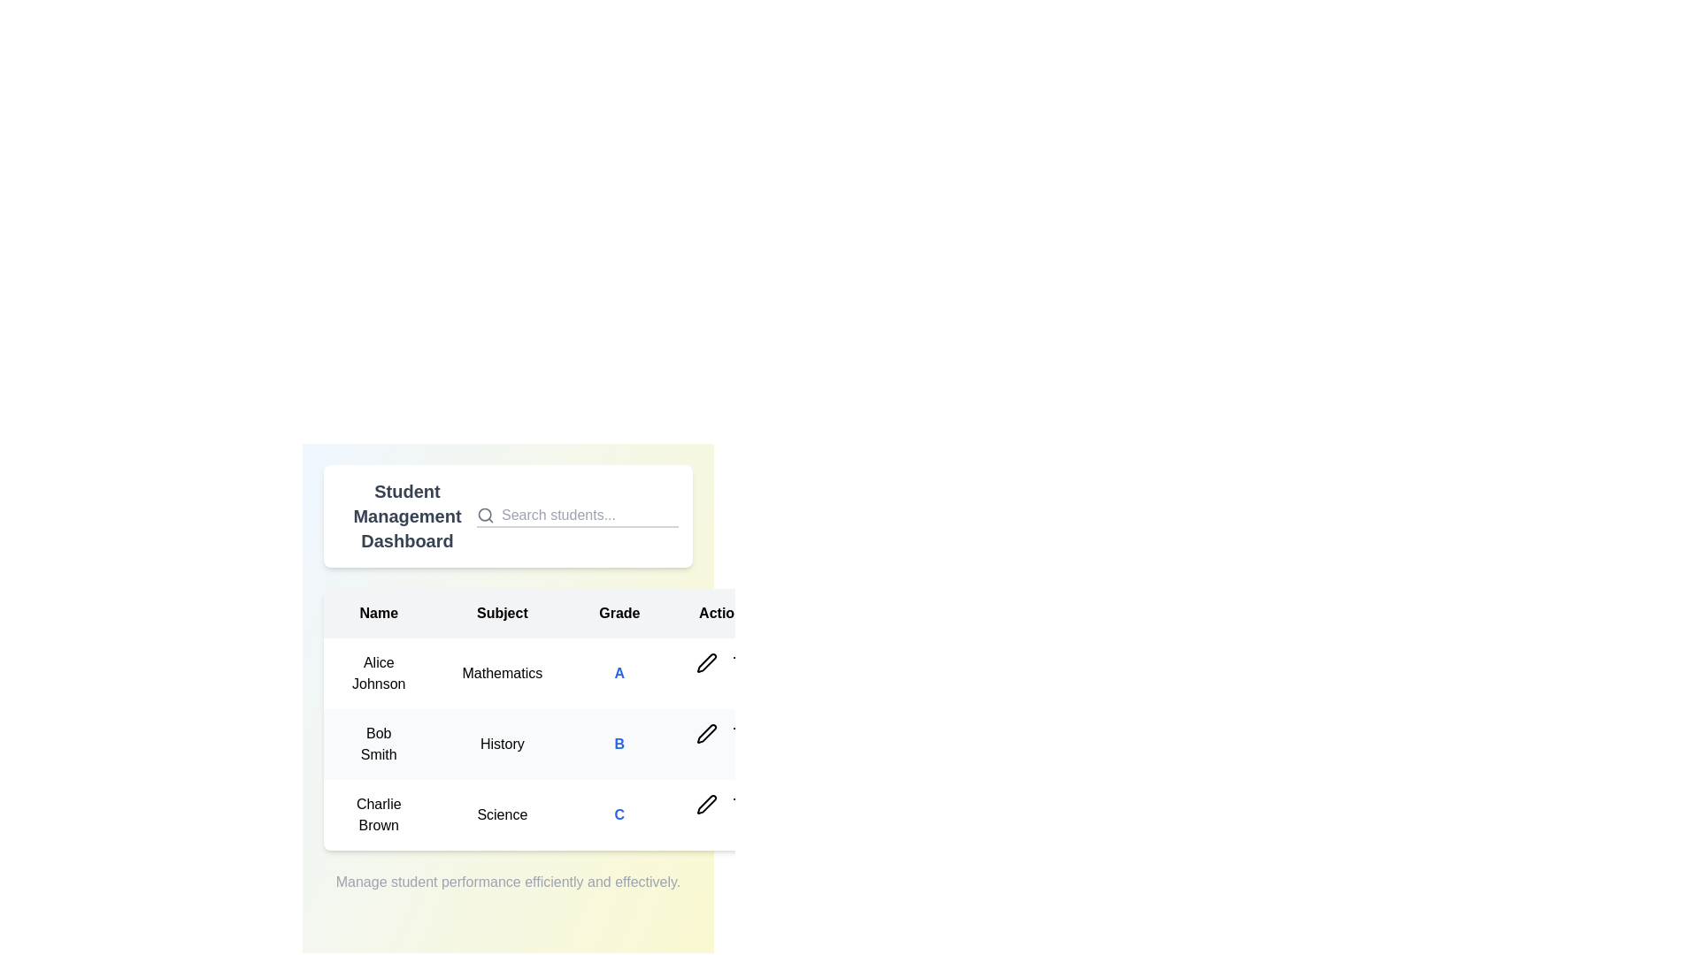 The width and height of the screenshot is (1699, 955). What do you see at coordinates (551, 744) in the screenshot?
I see `the second row of the table displaying student details, which is located between 'Alice Johnson' and 'Charlie Brown'` at bounding box center [551, 744].